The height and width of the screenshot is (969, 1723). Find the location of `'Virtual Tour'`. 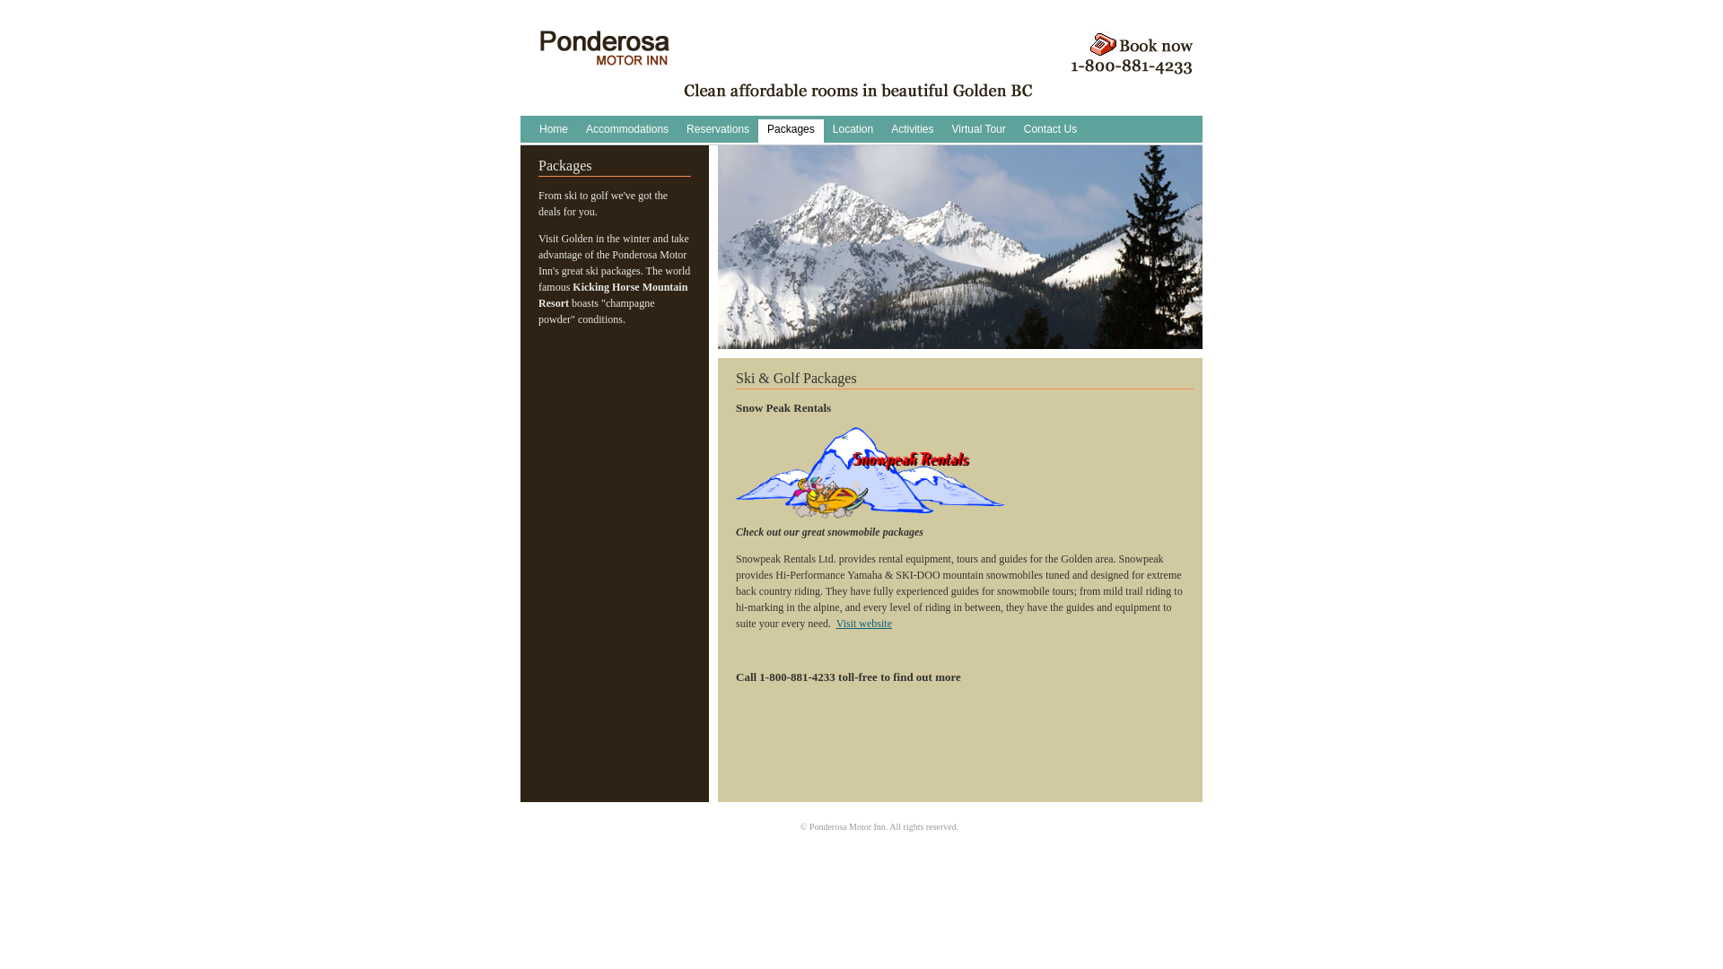

'Virtual Tour' is located at coordinates (977, 130).